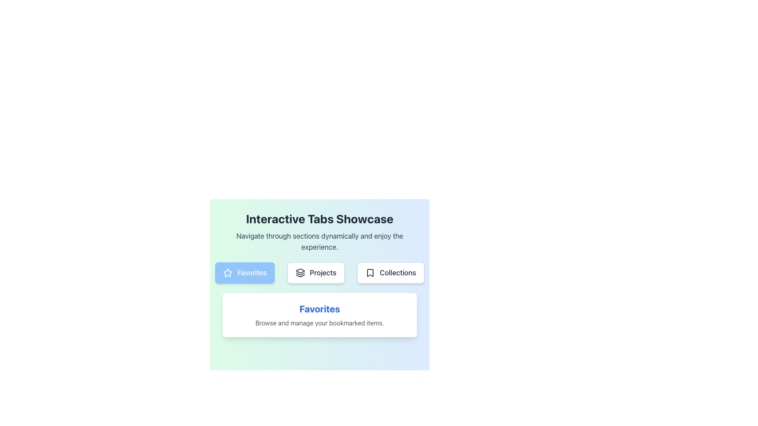  I want to click on the 'Projects' text label, which is the second button in a horizontal list of buttons labeled 'Favorites', 'Projects', and 'Collections', so click(323, 272).